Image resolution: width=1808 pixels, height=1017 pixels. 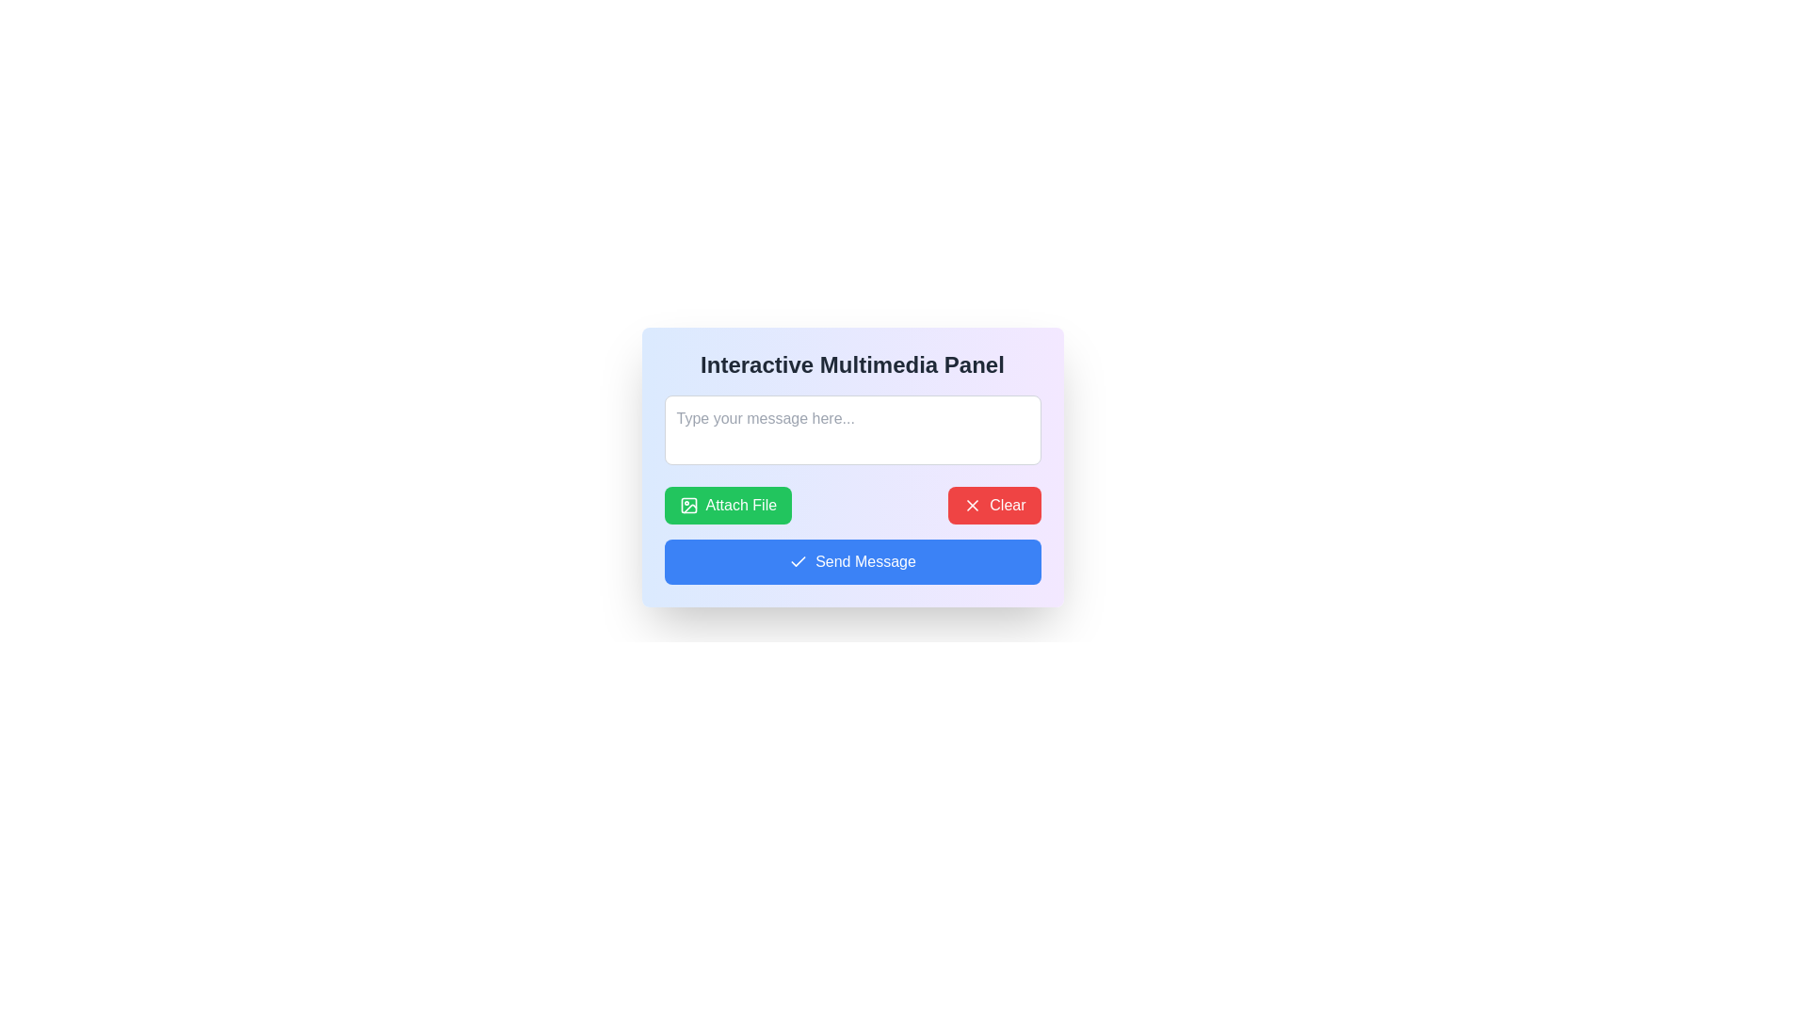 What do you see at coordinates (687, 504) in the screenshot?
I see `the green button labeled 'Attach File' that contains the file attachment icon` at bounding box center [687, 504].